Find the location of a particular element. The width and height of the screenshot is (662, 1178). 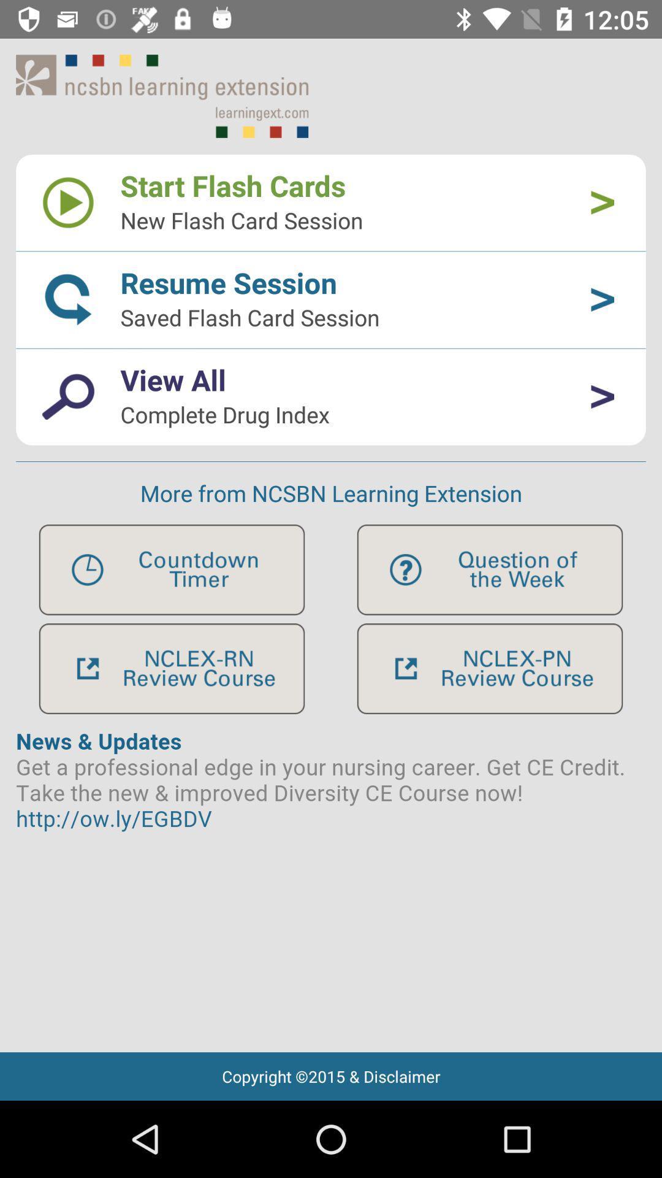

review course is located at coordinates (172, 668).